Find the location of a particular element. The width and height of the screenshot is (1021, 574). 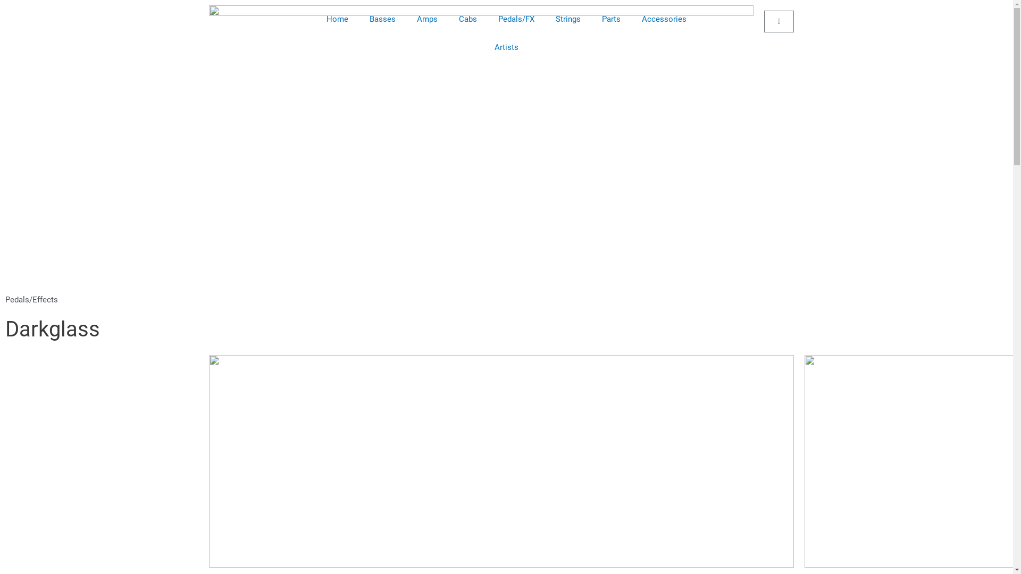

'Basses' is located at coordinates (382, 19).